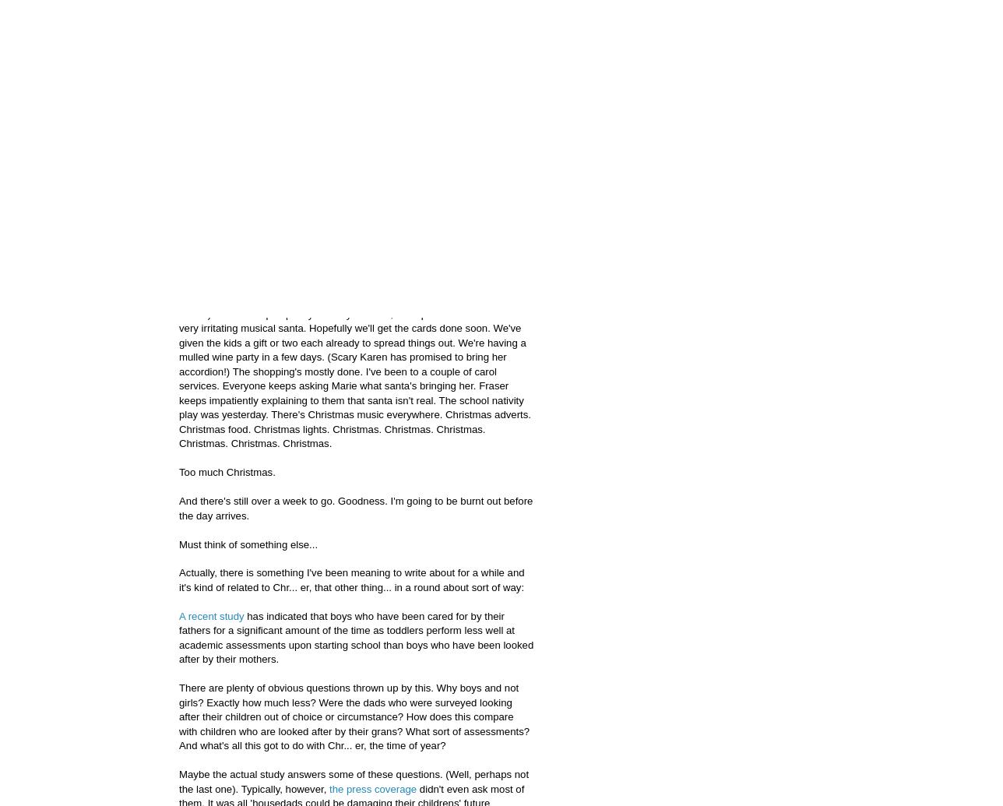  What do you see at coordinates (356, 371) in the screenshot?
I see `'We're getting there. We've converted the lounge to 'Christmas Land' (as Marie calls it) with the help of plenty of shiny baubles, an explosion of tinsel and a very irritating musical santa. Hopefully we'll get the cards done soon. We've given the kids a gift or two each already to spread things out. We're having a mulled wine party in a few days. (Scary Karen has promised to bring her accordion!) The shopping's mostly done. I've been to a couple of carol services. Everyone keeps asking Marie what santa's bringing her. Fraser keeps impatiently explaining to them that santa isn't real. The school nativity play was yesterday. There's Christmas music everywhere. Christmas adverts. Christmas food. Christmas lights. Christmas. Christmas. Christmas. Christmas. Christmas. Christmas.'` at bounding box center [356, 371].